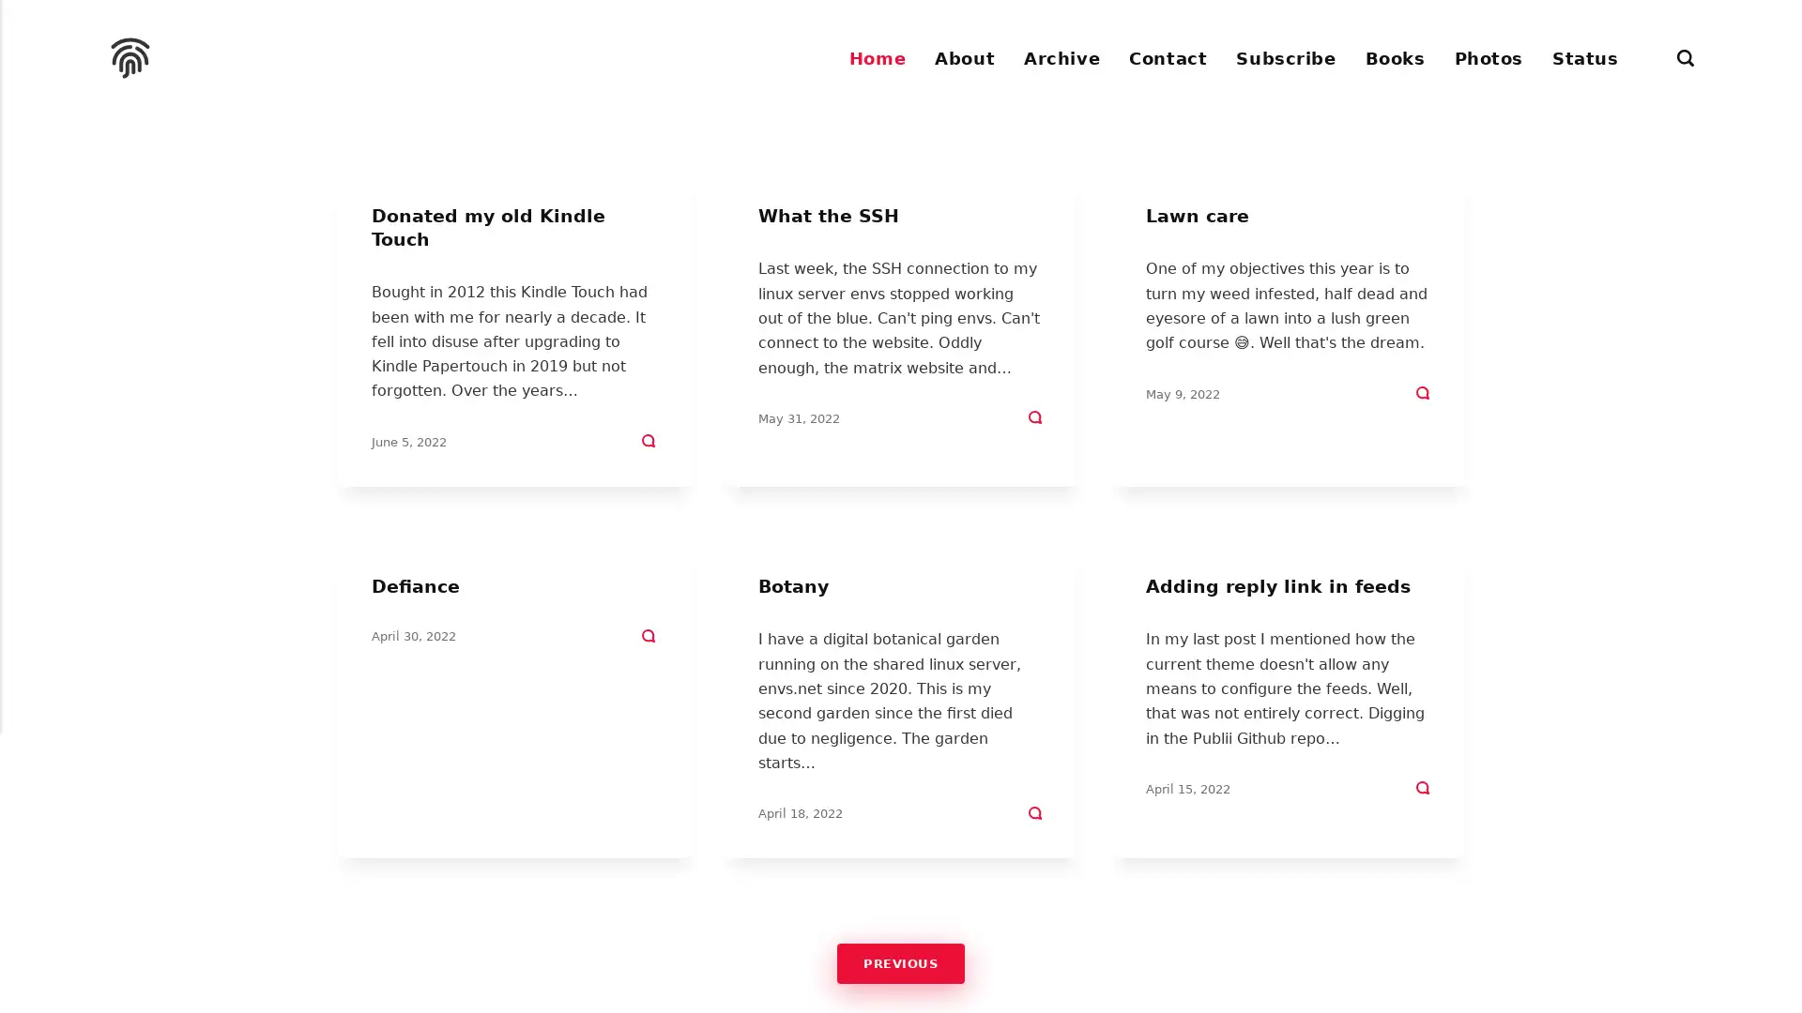 This screenshot has height=1013, width=1802. I want to click on Search, so click(1685, 56).